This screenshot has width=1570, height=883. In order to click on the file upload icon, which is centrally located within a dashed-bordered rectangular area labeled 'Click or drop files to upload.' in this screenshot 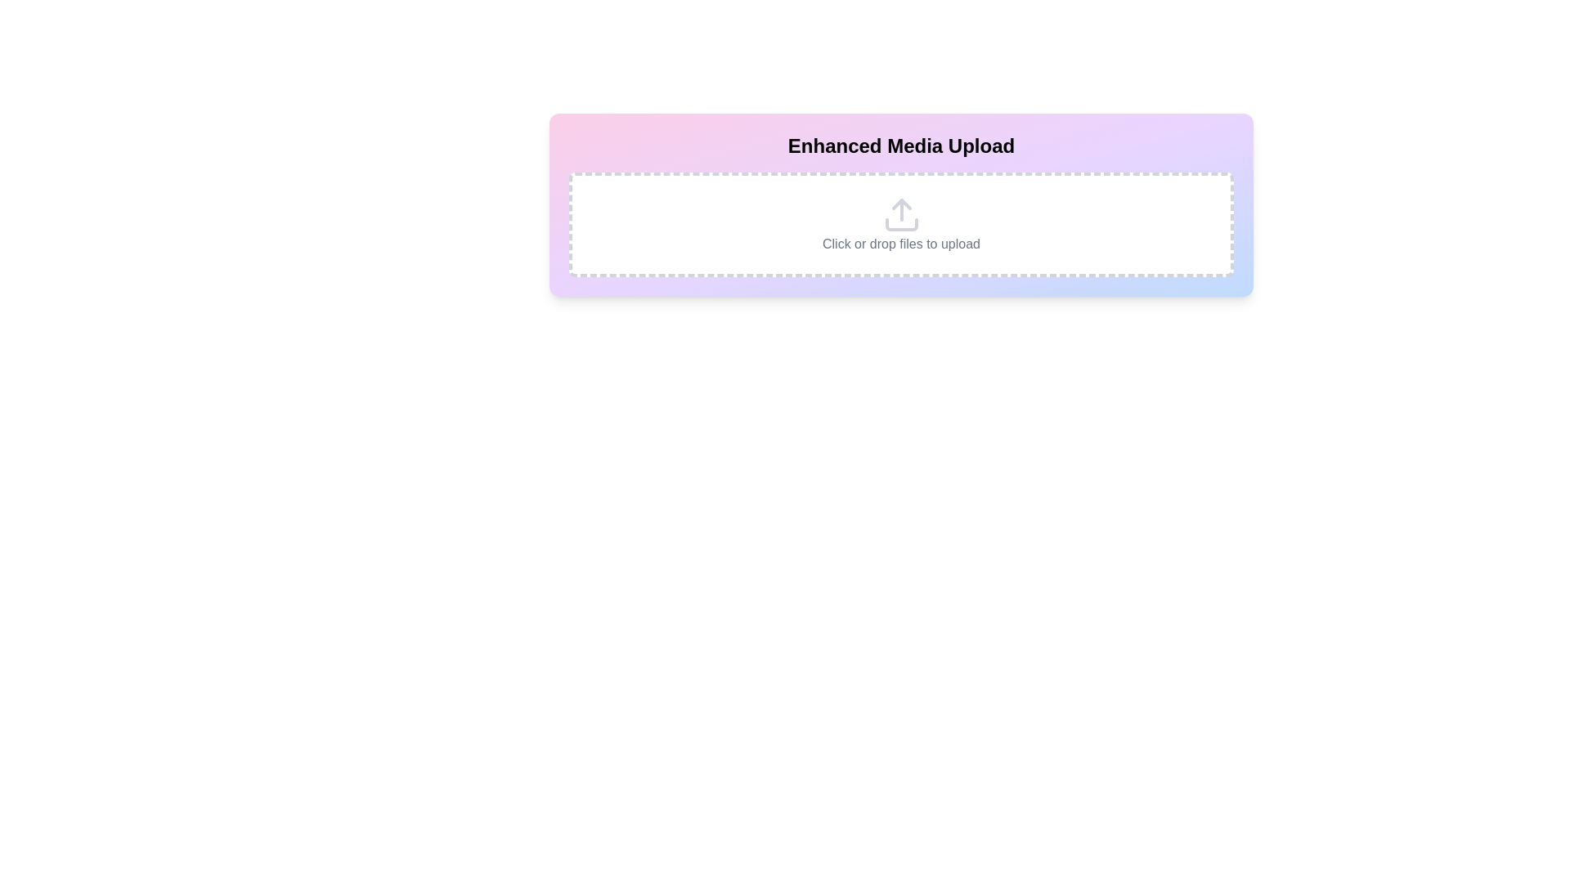, I will do `click(900, 213)`.